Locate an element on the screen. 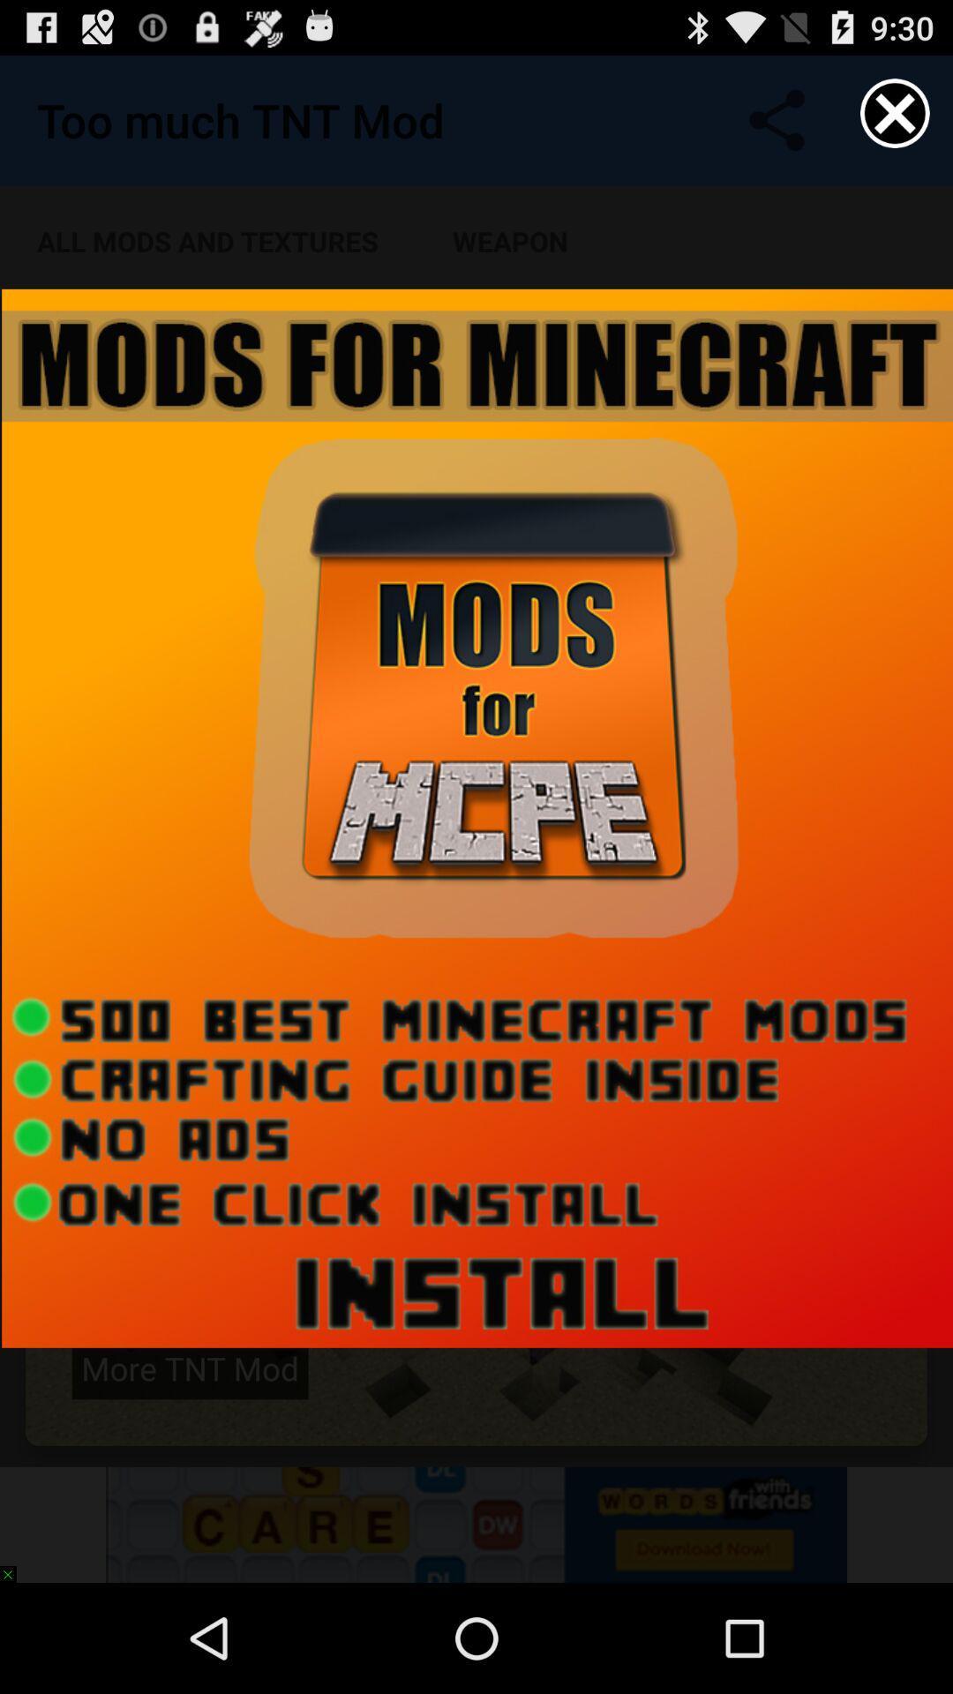 The height and width of the screenshot is (1694, 953). icon at the bottom left corner is located at coordinates (16, 1566).